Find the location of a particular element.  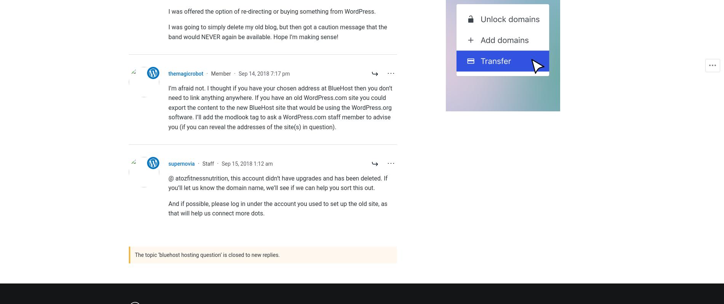

'I’m afraid not. I thought if you have your chosen address at BlueHost then you don’t need to link anything anywhere. If you have an old WordPress.com site you could export the content to the new BlueHost site that would be using the WordPress.org software. I’ll add the modlook tag to ask a WordPress.com staff member to advise you (if you can reveal the addresses of the site(s) in question).' is located at coordinates (280, 107).